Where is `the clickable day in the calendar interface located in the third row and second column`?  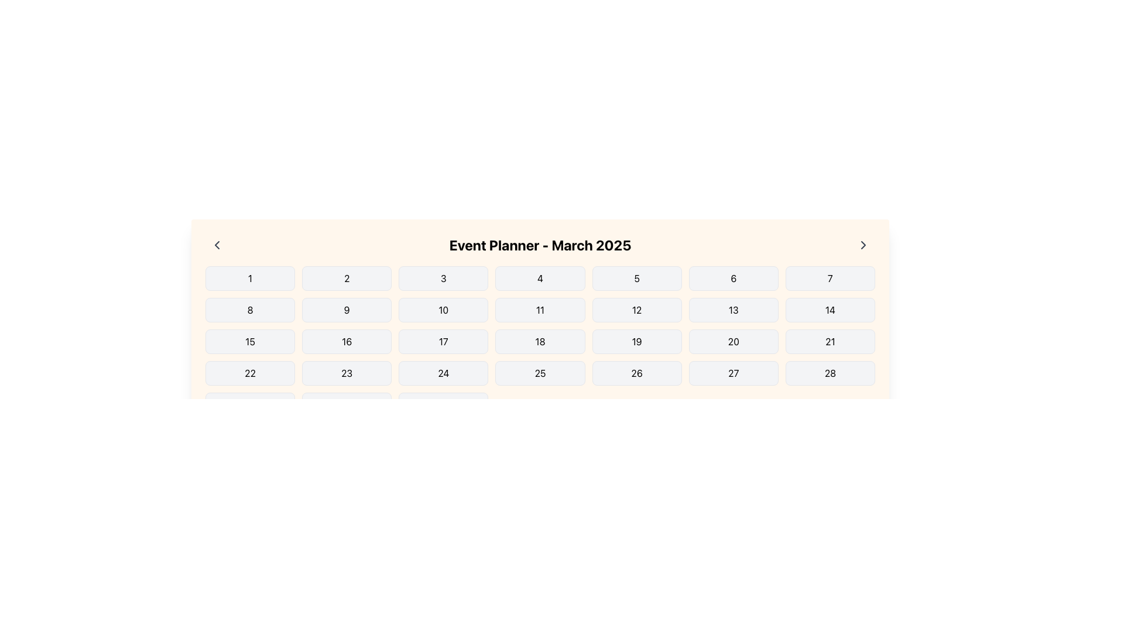 the clickable day in the calendar interface located in the third row and second column is located at coordinates (249, 341).